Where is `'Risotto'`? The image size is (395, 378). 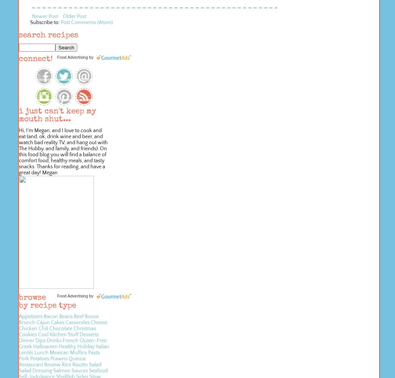 'Risotto' is located at coordinates (80, 364).